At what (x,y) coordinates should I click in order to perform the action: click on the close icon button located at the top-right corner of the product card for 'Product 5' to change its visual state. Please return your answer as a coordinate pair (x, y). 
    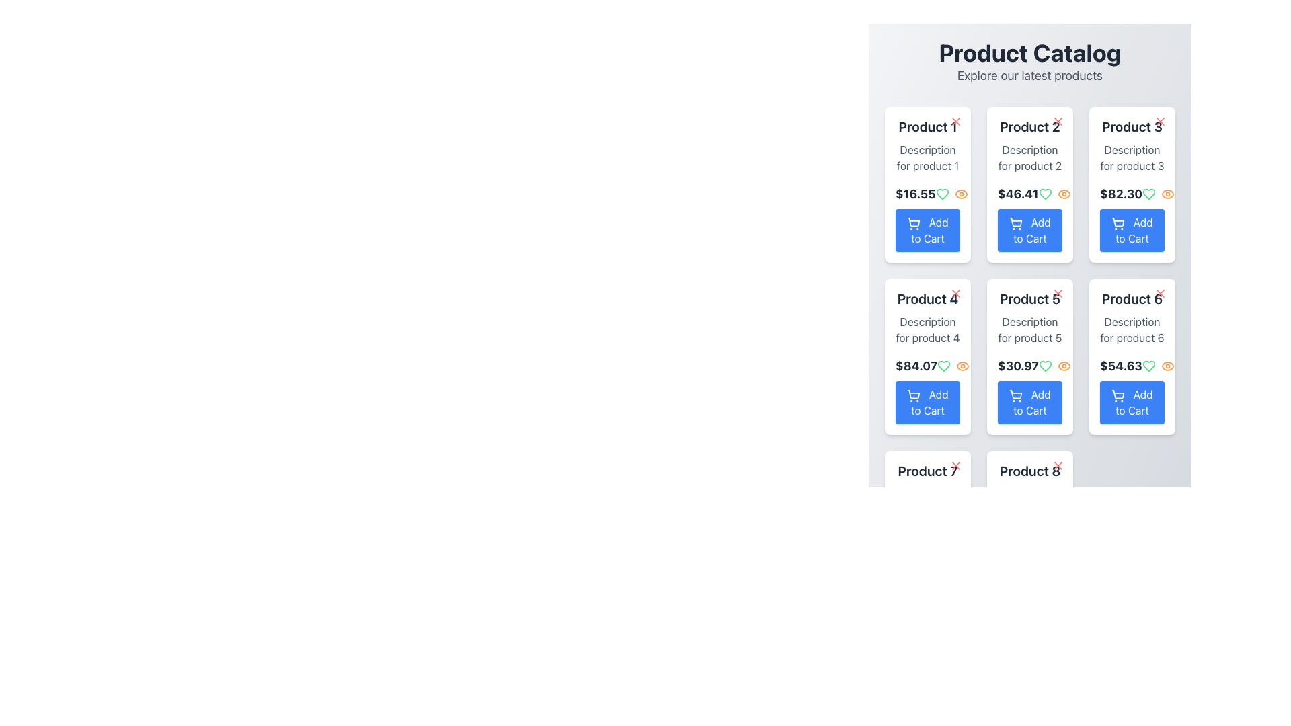
    Looking at the image, I should click on (1058, 292).